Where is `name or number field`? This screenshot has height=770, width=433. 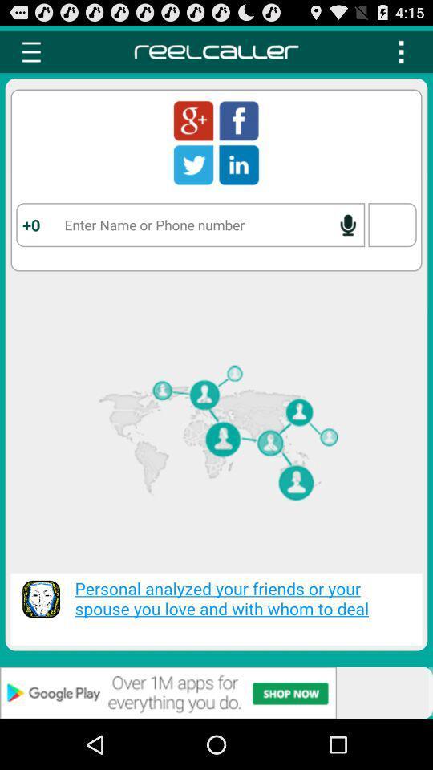
name or number field is located at coordinates (190, 224).